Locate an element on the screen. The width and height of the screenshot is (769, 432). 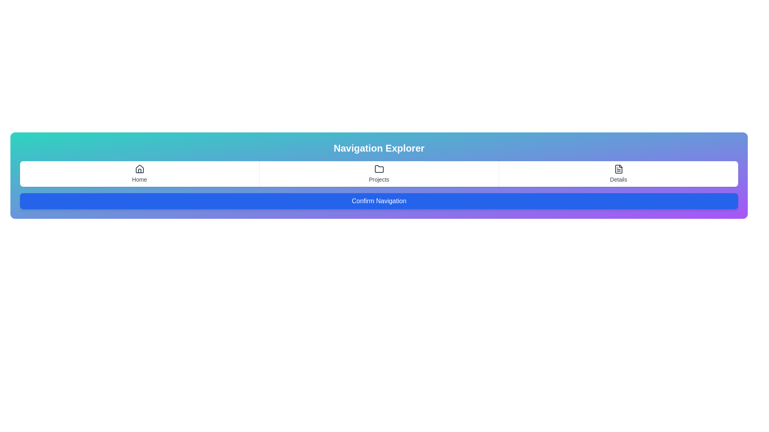
the 'Projects' icon, which serves as a decorative representation of the section and is aligned with the 'Projects' label underneath is located at coordinates (378, 168).